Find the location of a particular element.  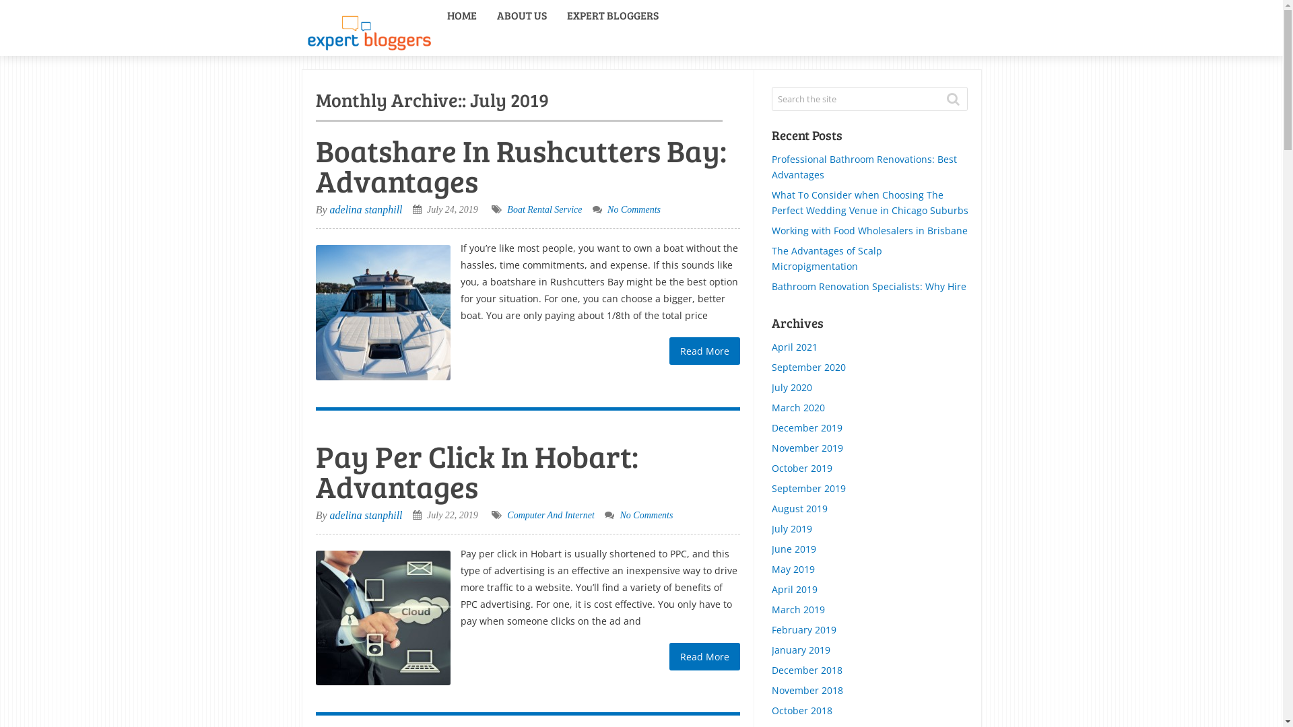

'Working with Food Wholesalers in Brisbane' is located at coordinates (772, 230).